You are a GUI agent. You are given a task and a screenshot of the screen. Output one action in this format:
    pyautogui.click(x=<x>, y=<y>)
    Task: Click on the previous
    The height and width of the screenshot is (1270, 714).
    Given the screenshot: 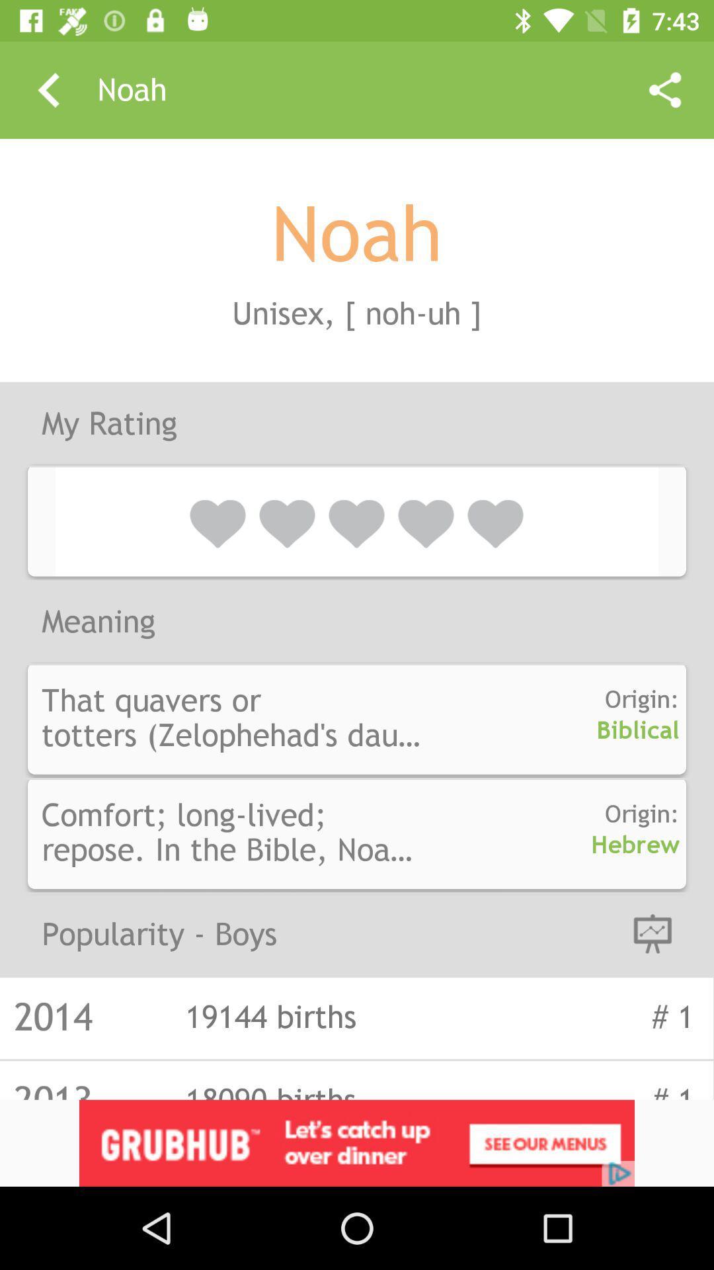 What is the action you would take?
    pyautogui.click(x=48, y=89)
    